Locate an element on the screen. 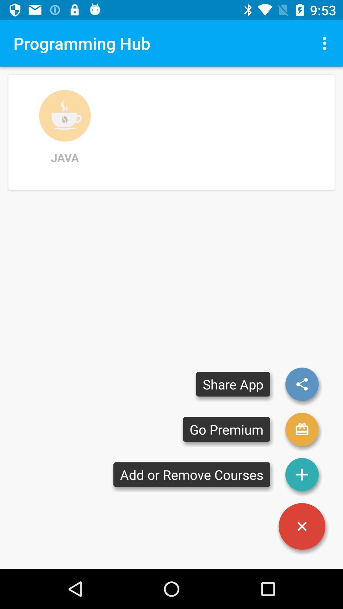  icon next to the share app item is located at coordinates (302, 384).